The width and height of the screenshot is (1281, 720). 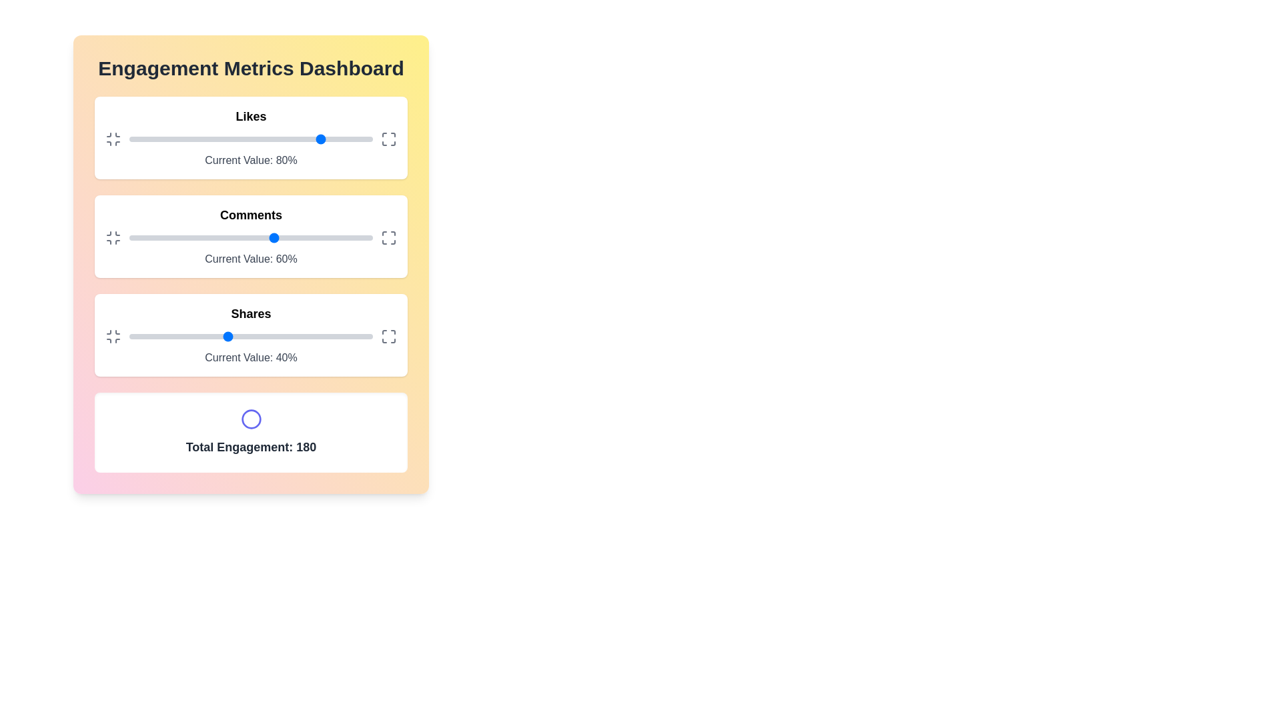 I want to click on the comments slider, so click(x=270, y=237).